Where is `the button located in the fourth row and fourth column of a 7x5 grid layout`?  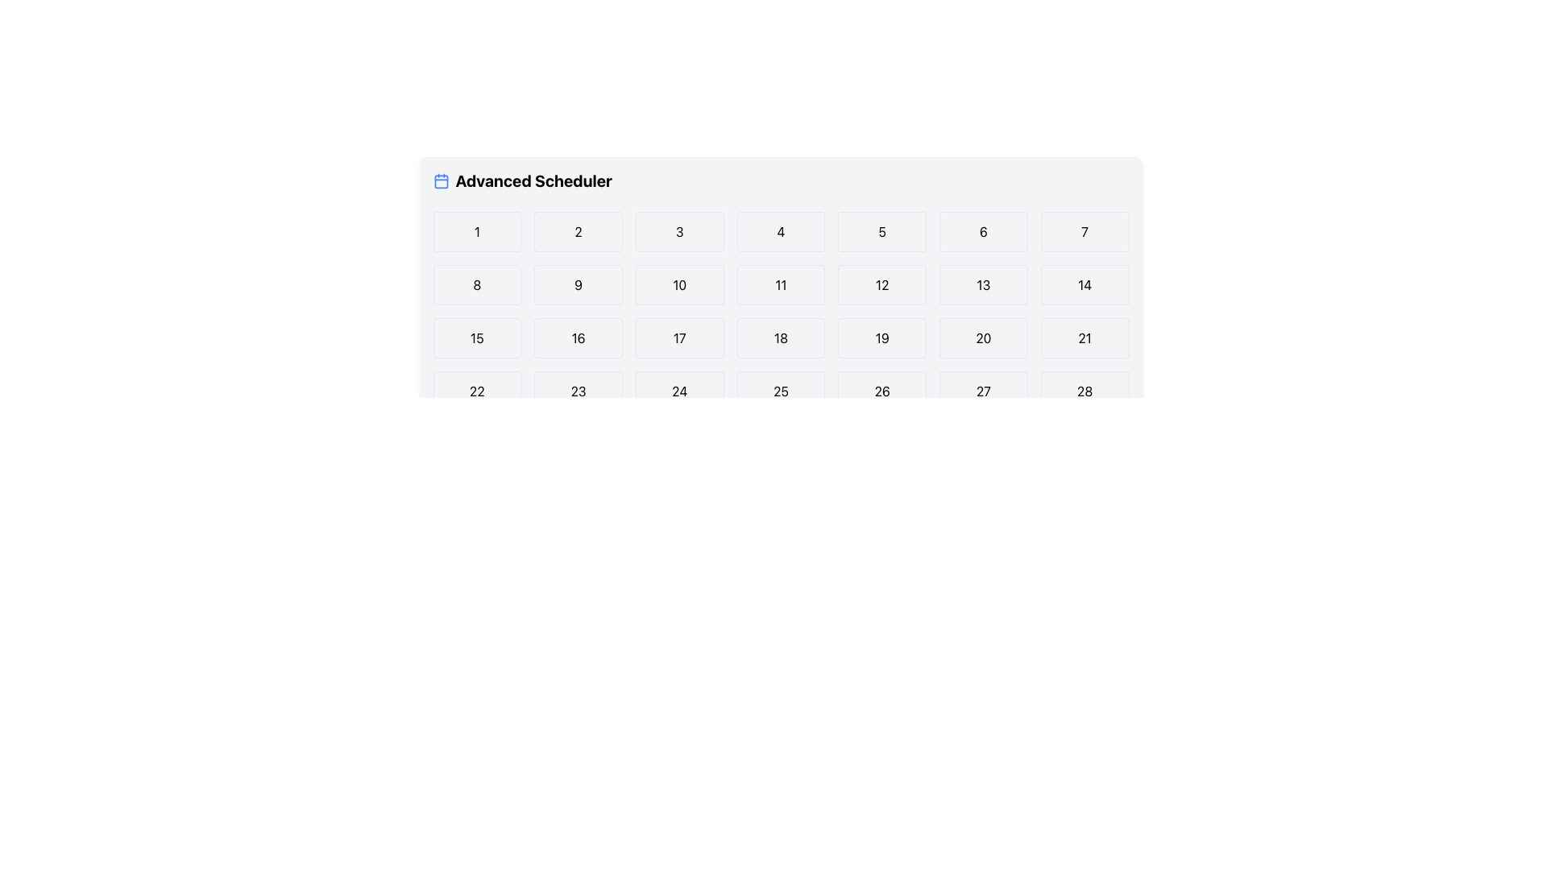 the button located in the fourth row and fourth column of a 7x5 grid layout is located at coordinates (679, 391).